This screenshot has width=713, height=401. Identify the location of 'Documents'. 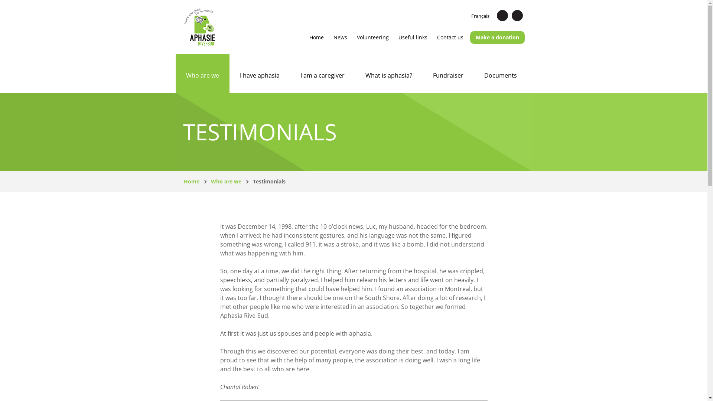
(473, 73).